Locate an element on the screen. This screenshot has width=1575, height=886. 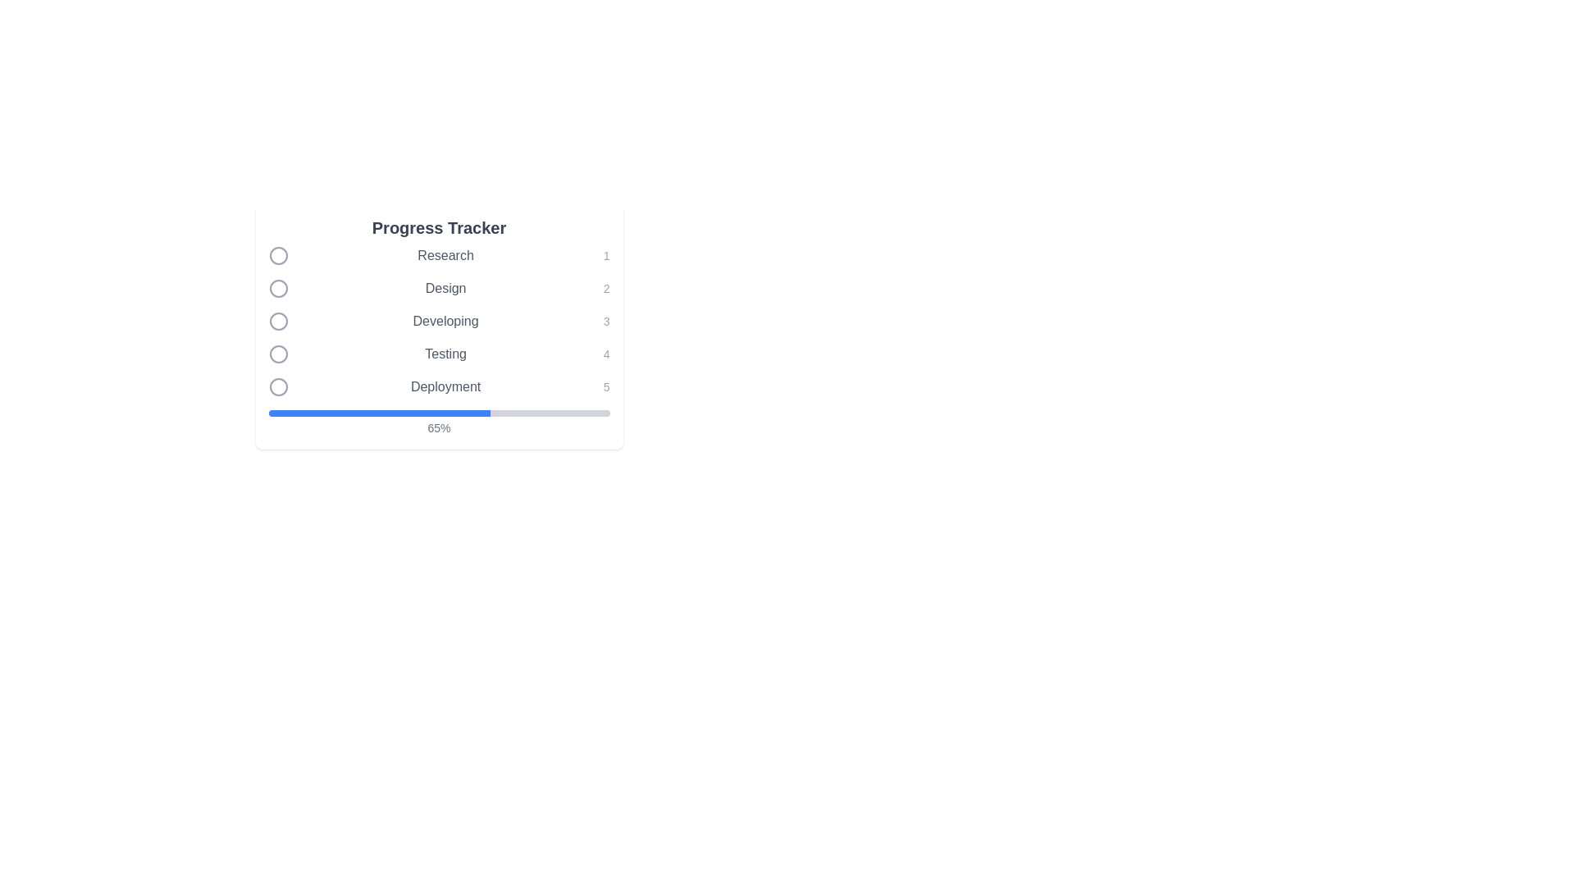
the circular icon that represents the 'Developing' progress label in the progress tracker interface, which is the third item in a vertical list of circular icons is located at coordinates (278, 322).